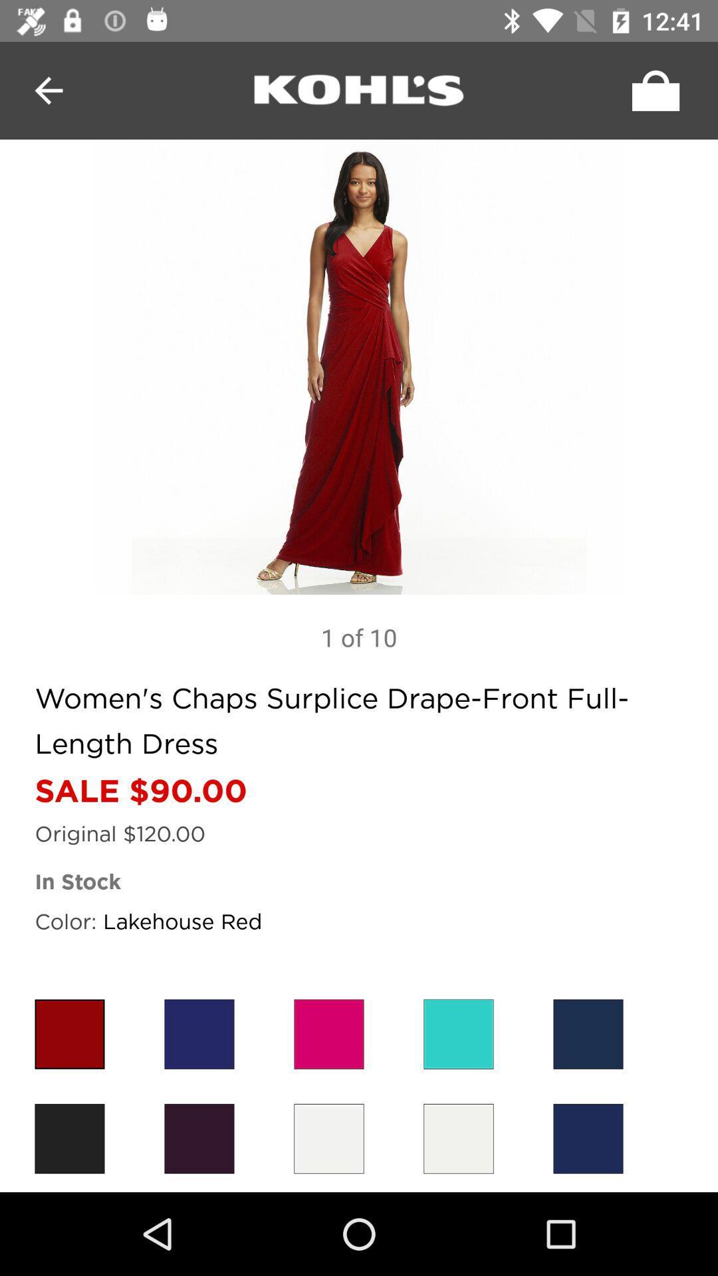 The height and width of the screenshot is (1276, 718). Describe the element at coordinates (199, 1138) in the screenshot. I see `color option` at that location.